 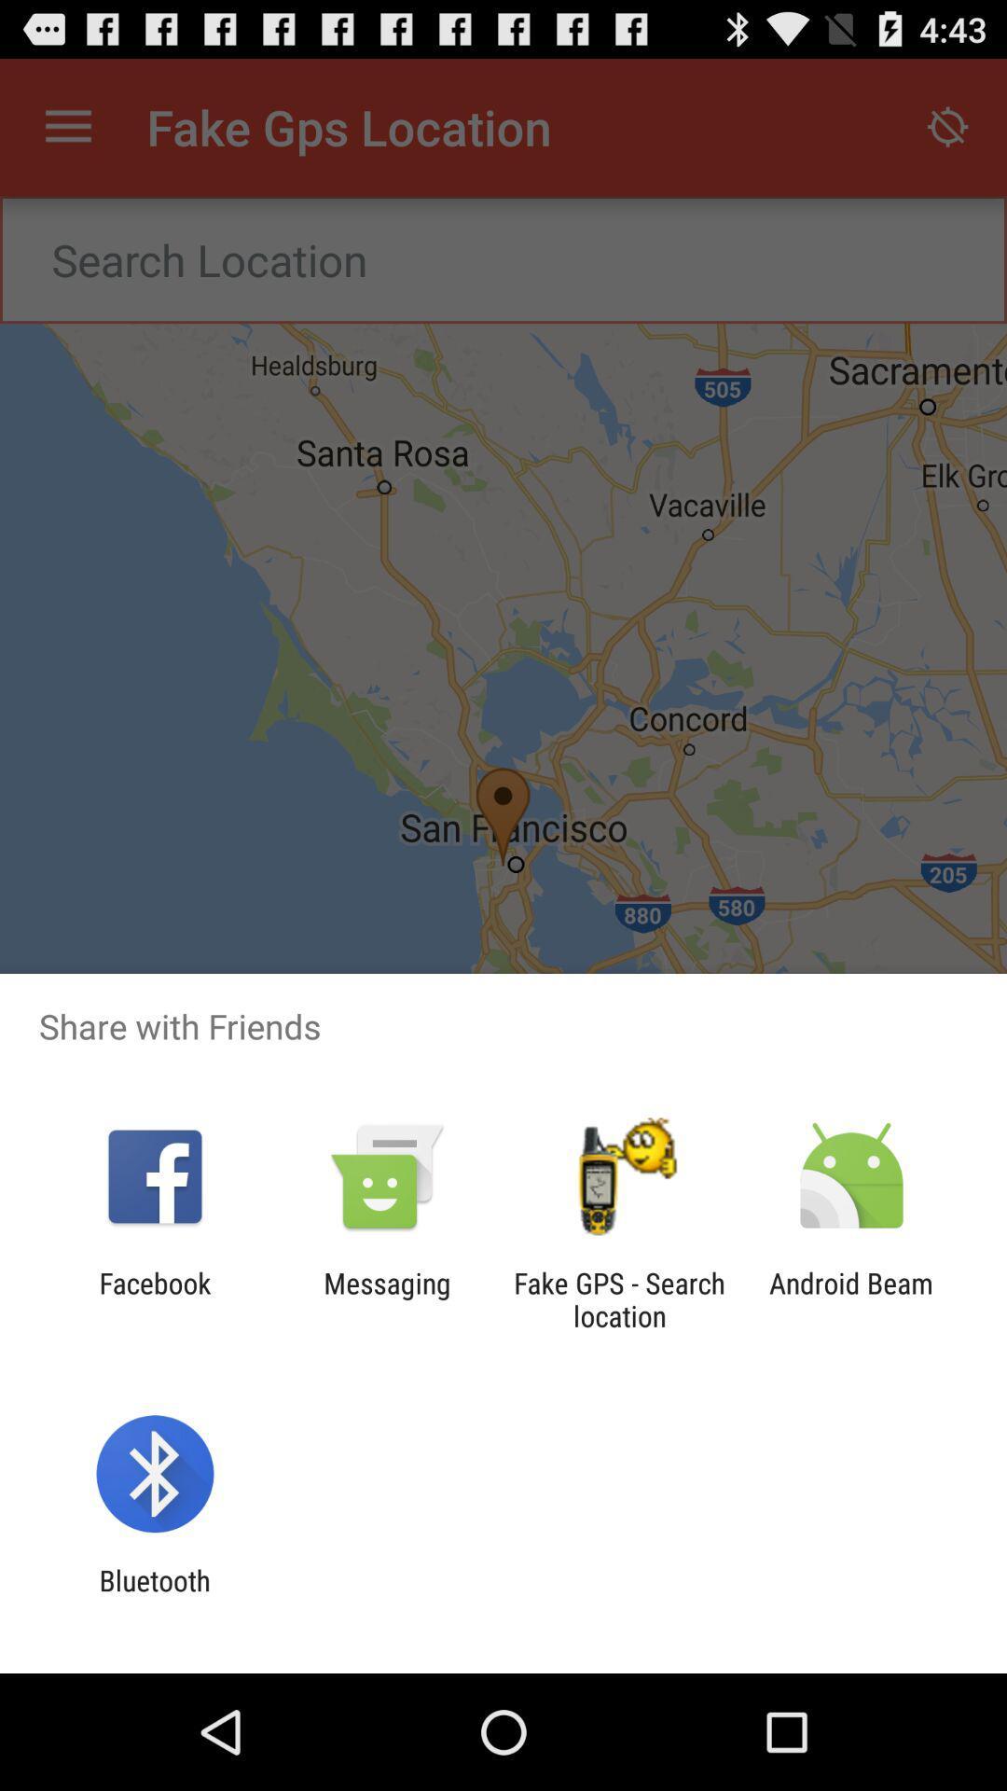 I want to click on the item to the right of messaging icon, so click(x=619, y=1298).